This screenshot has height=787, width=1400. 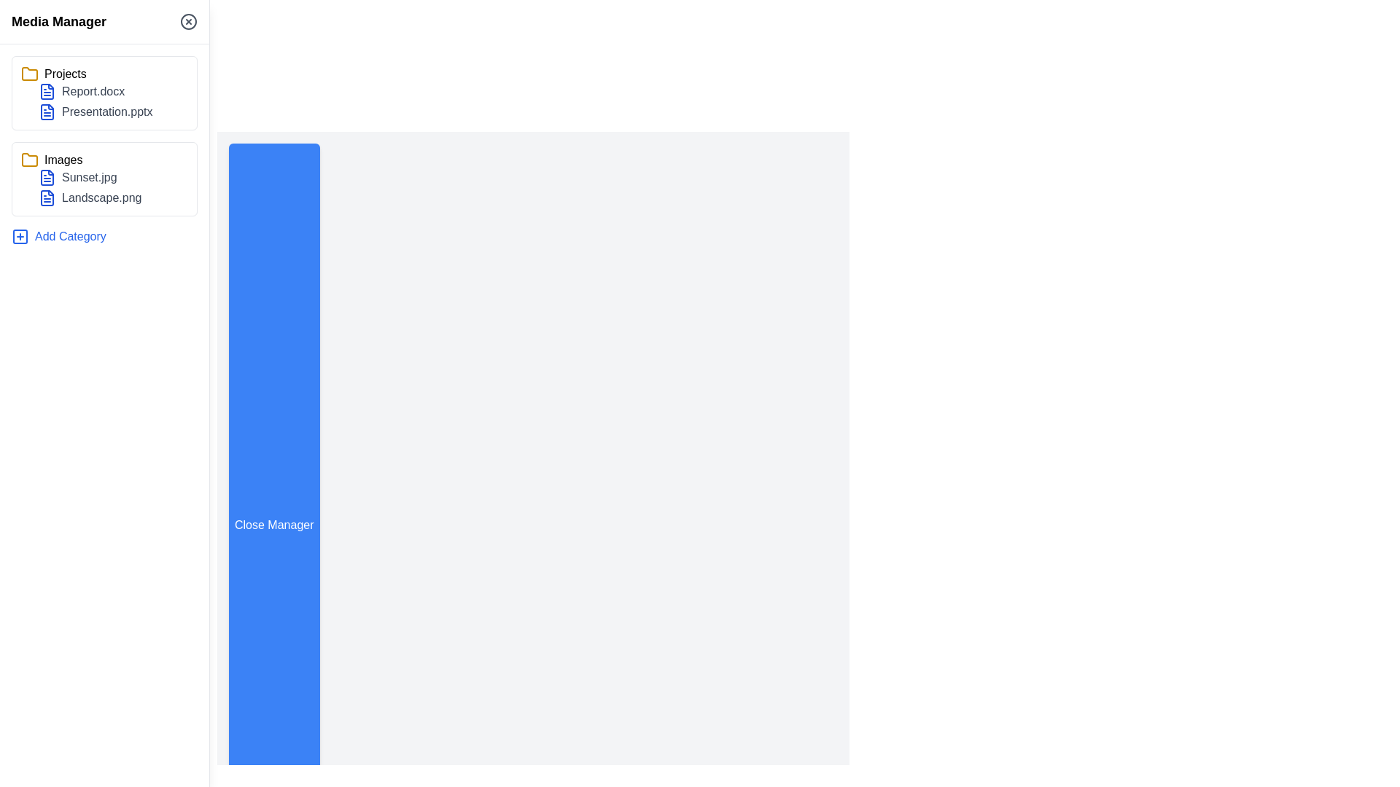 I want to click on the SVG Circle graphic that serves as part of the interactive close button located in the top-left corner of the interface, adjacent to the title 'Media Manager', so click(x=188, y=22).